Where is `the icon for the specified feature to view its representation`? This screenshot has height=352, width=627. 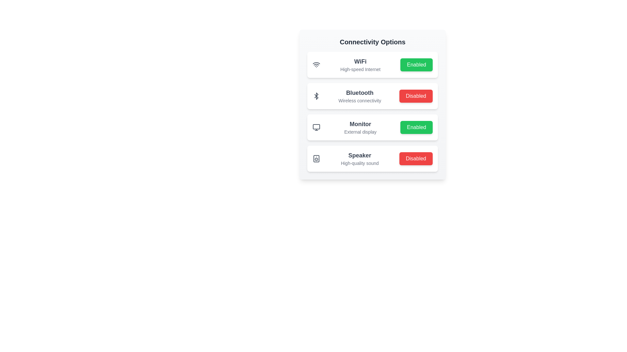
the icon for the specified feature to view its representation is located at coordinates (316, 65).